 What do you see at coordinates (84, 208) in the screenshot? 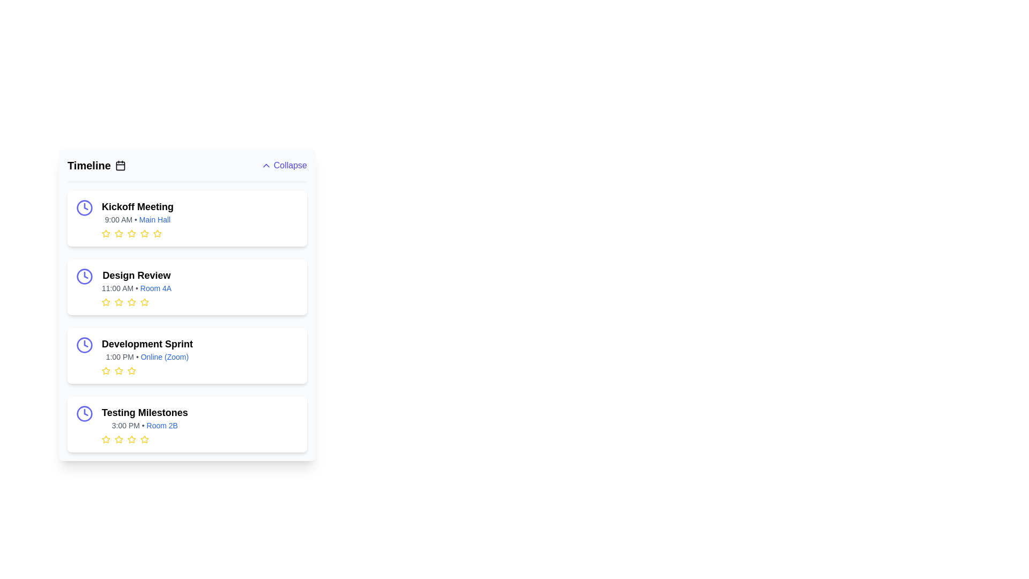
I see `the clock-shaped icon with a blue color located in the top-left corner of the card containing the text 'Kickoff Meeting'` at bounding box center [84, 208].